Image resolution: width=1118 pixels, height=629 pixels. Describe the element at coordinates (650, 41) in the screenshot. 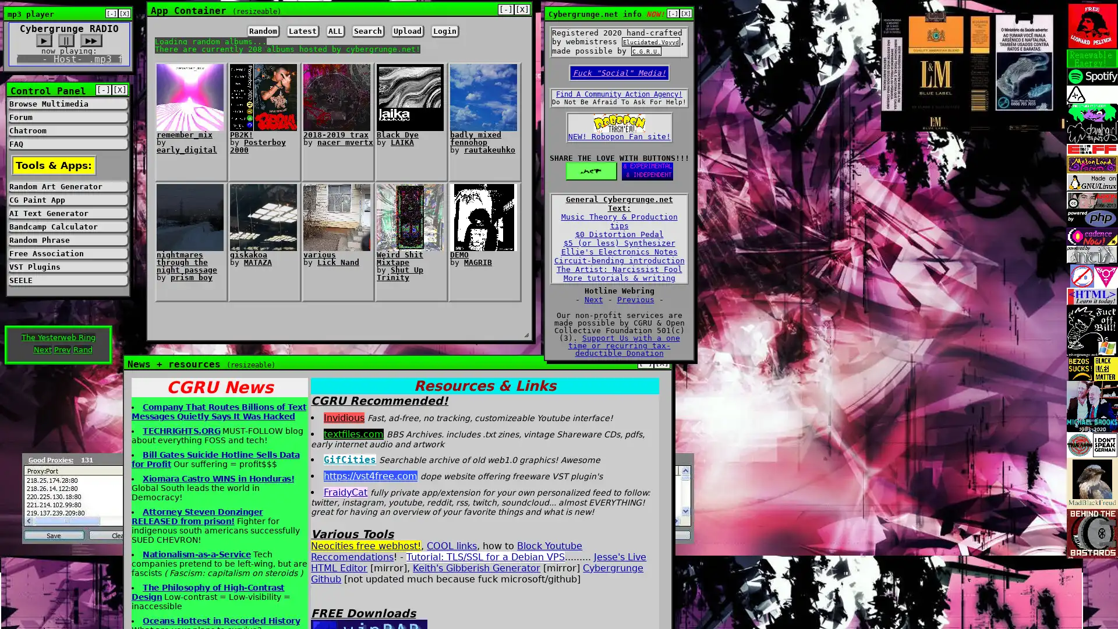

I see `Elucidated.Voyyd` at that location.